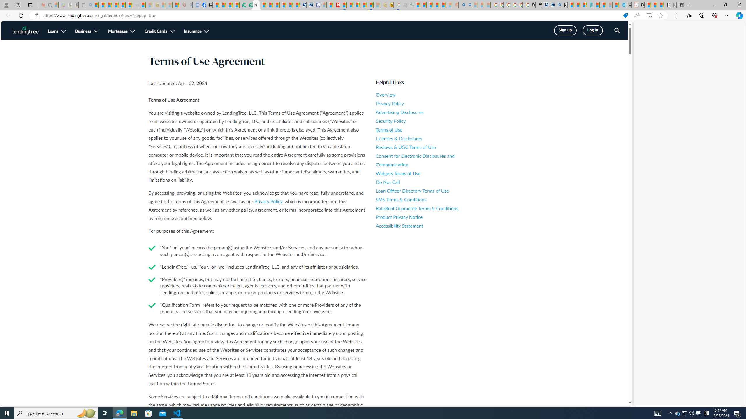 Image resolution: width=746 pixels, height=419 pixels. Describe the element at coordinates (25, 30) in the screenshot. I see `'LendingTree Homepage Logo'` at that location.